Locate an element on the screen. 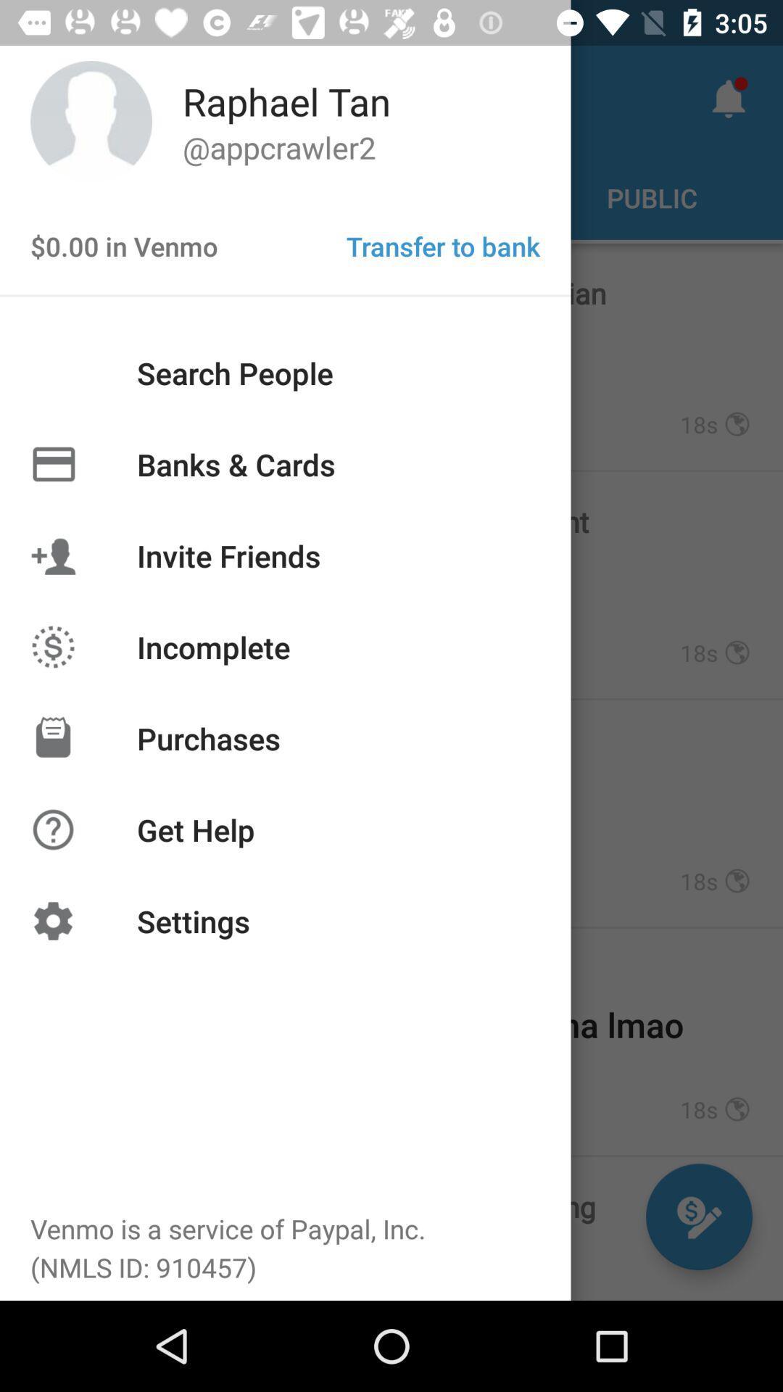 This screenshot has height=1392, width=783. the edit icon is located at coordinates (698, 1217).